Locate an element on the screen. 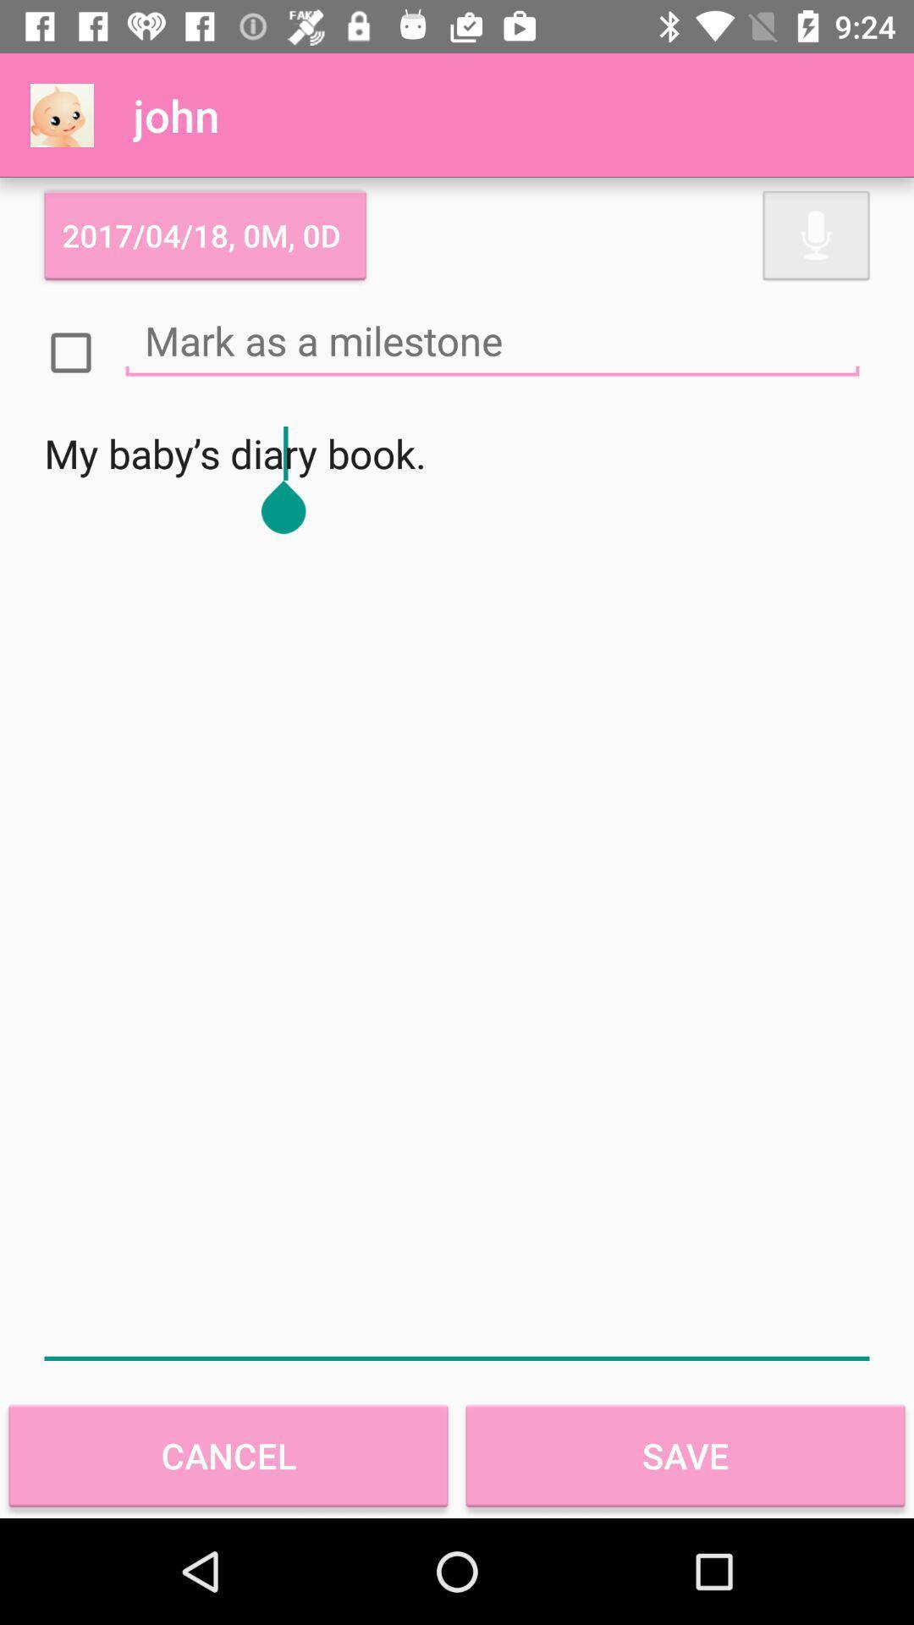 The image size is (914, 1625). icon above my baby s item is located at coordinates (493, 339).